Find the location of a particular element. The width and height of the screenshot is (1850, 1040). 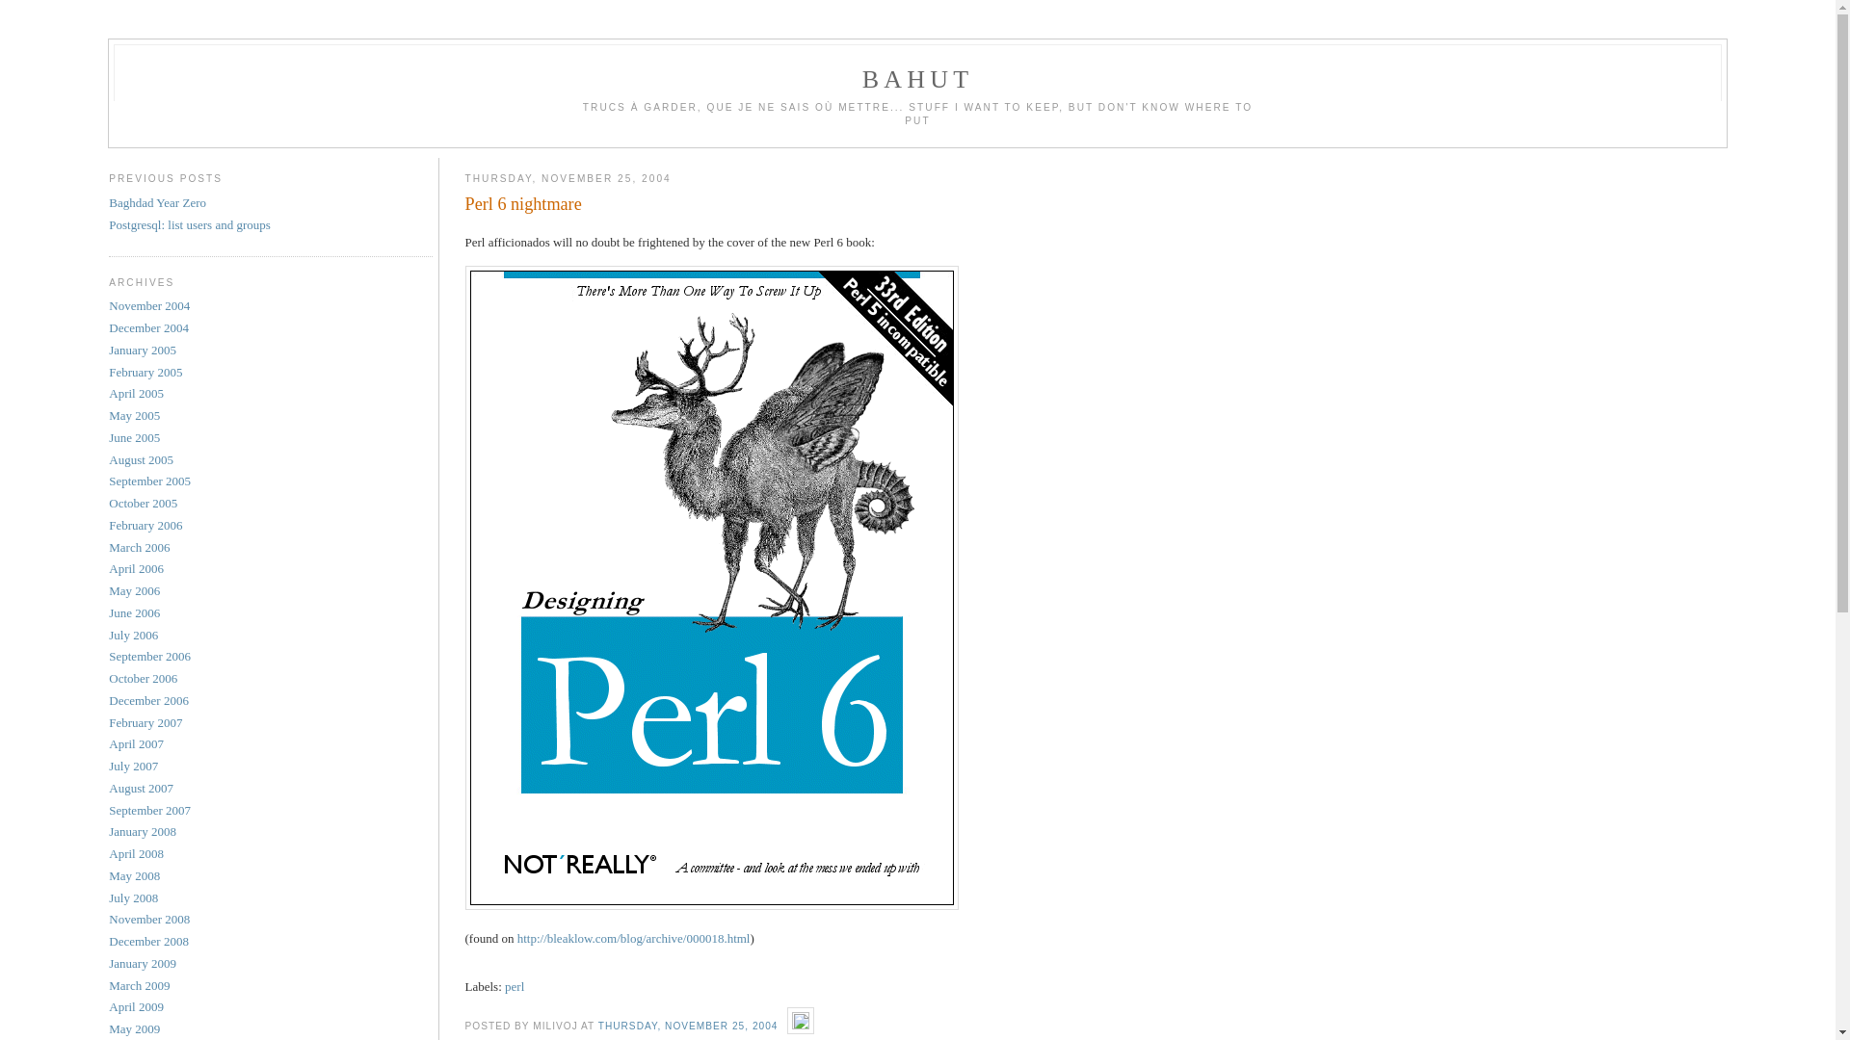

'June 2006' is located at coordinates (108, 612).